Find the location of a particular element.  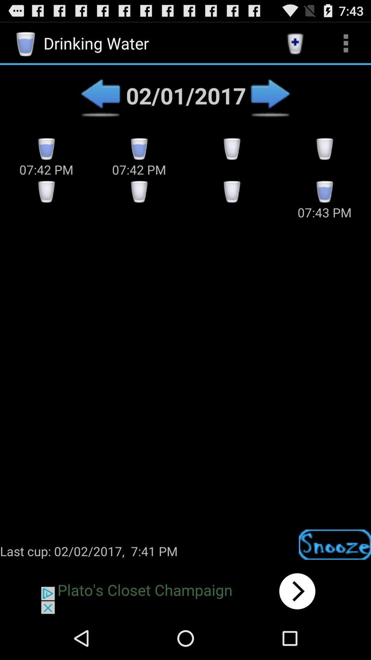

the arrow_backward icon is located at coordinates (100, 102).